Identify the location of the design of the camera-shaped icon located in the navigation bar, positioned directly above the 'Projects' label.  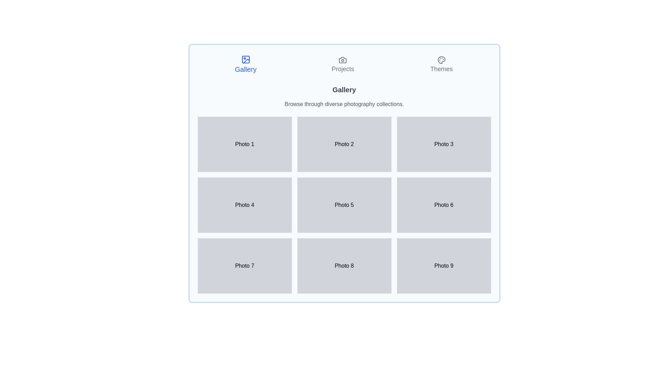
(343, 59).